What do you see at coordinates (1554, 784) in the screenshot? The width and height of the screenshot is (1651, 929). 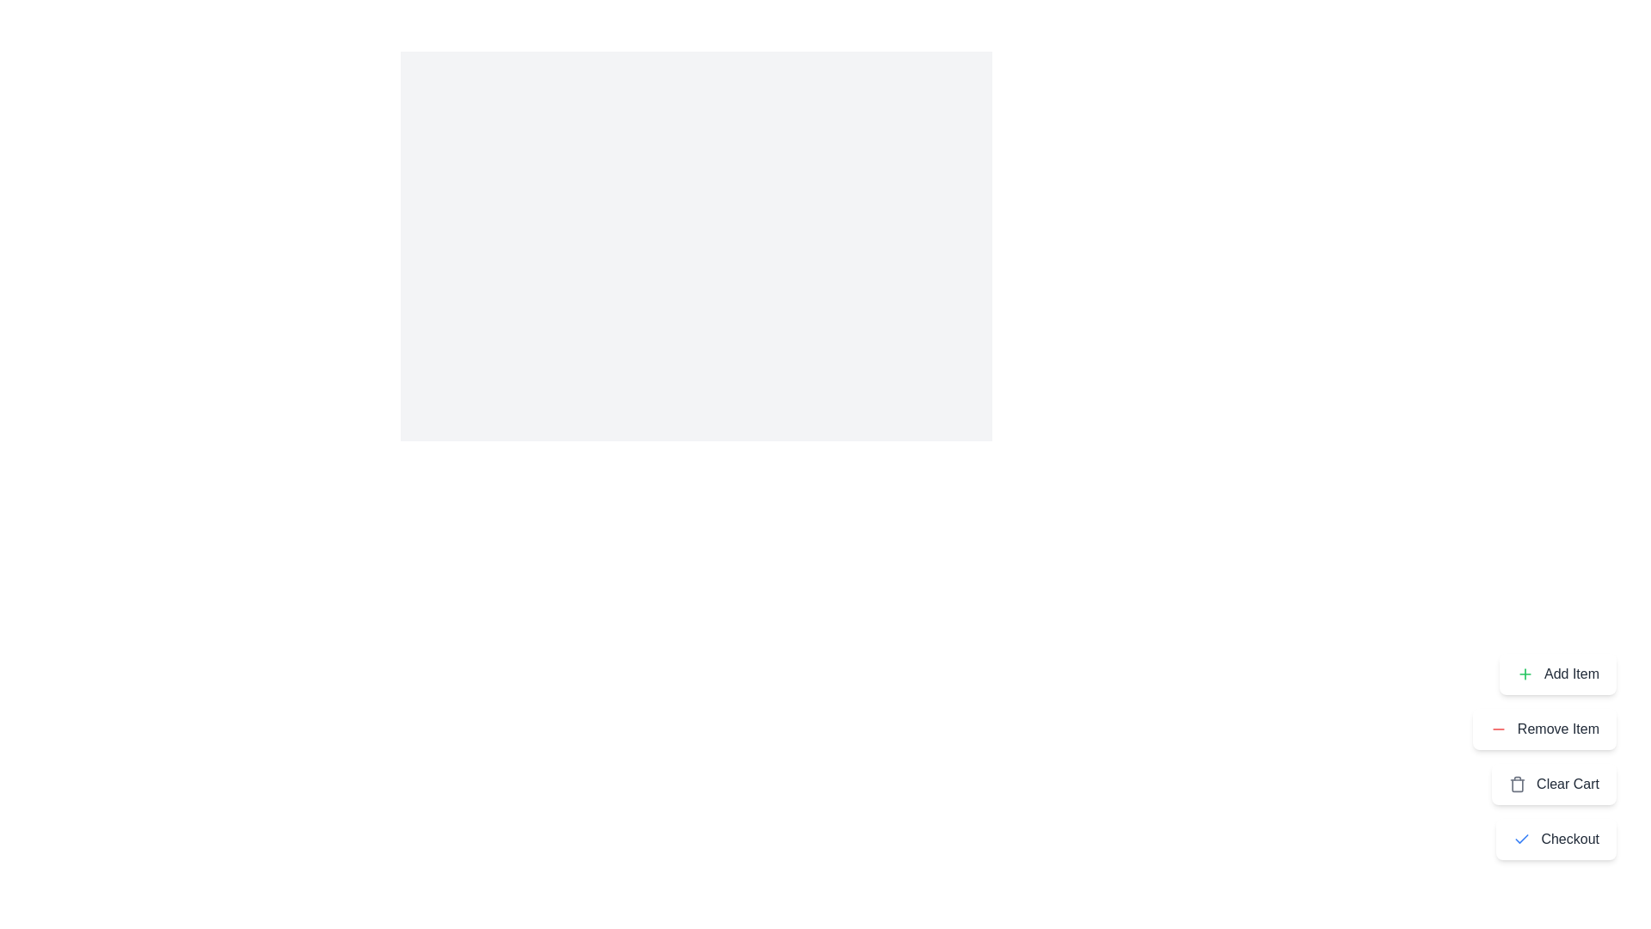 I see `the 'Clear Cart' button to empty the cart` at bounding box center [1554, 784].